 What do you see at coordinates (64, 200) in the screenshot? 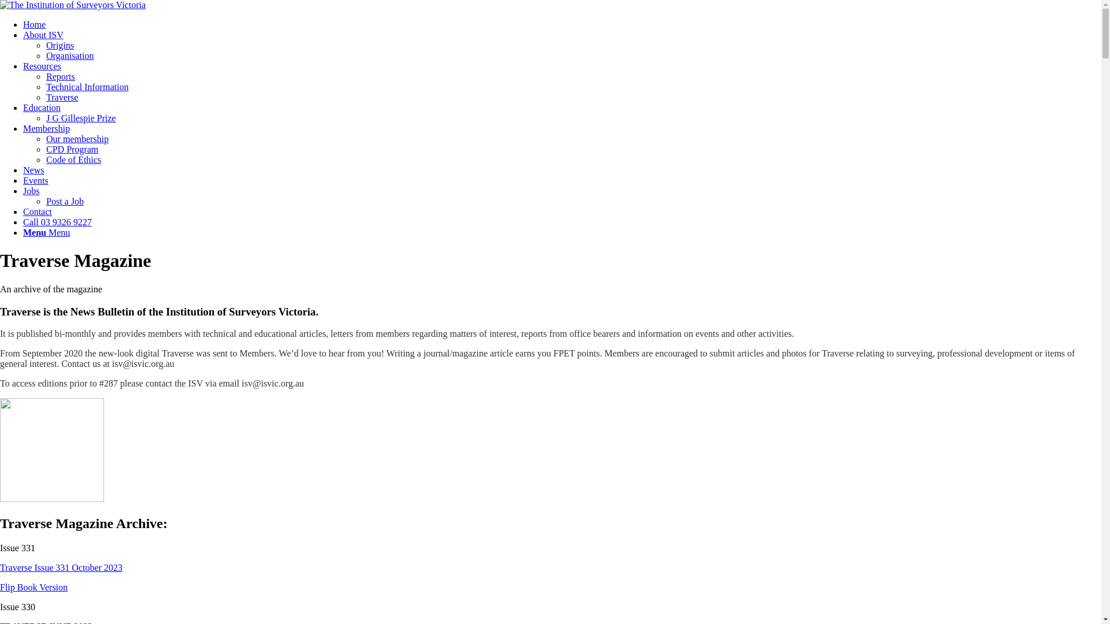
I see `'Post a Job'` at bounding box center [64, 200].